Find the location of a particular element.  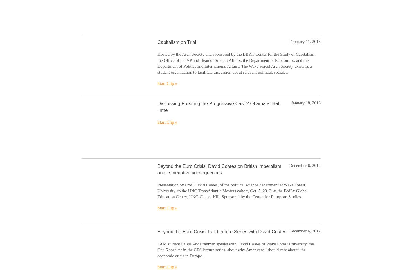

'Capitalism on Trial' is located at coordinates (176, 42).